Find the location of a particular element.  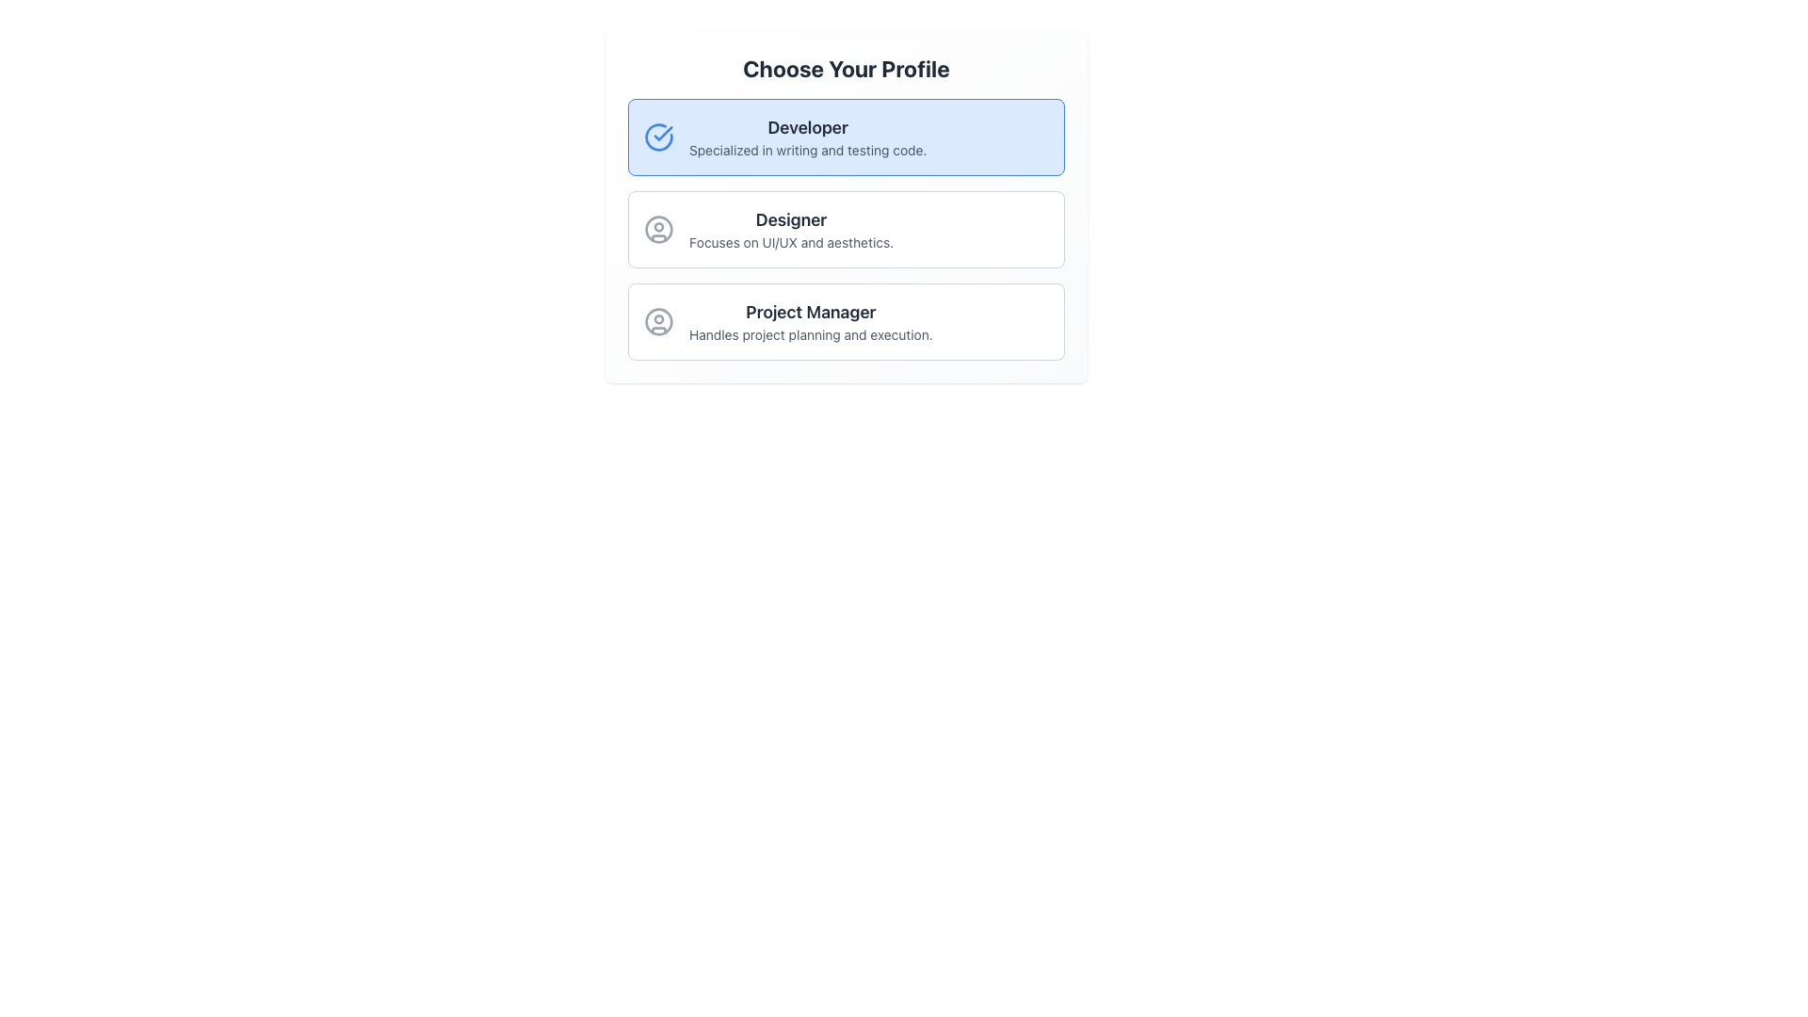

the visual state of the circular blue checkmark icon located at the top-left corner of the 'Developer' profile card, beside the title 'Developer' is located at coordinates (659, 137).